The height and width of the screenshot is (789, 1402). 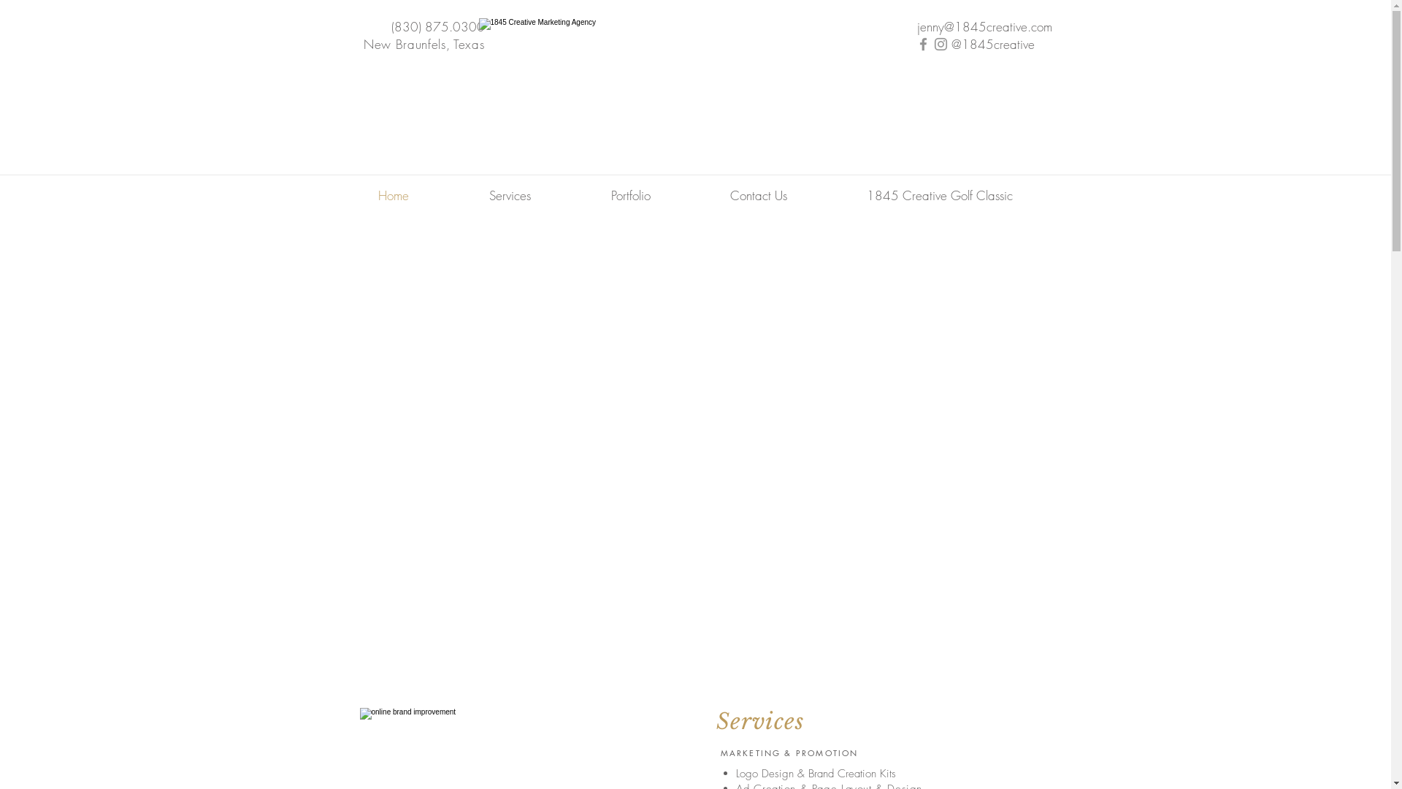 What do you see at coordinates (392, 194) in the screenshot?
I see `'Home'` at bounding box center [392, 194].